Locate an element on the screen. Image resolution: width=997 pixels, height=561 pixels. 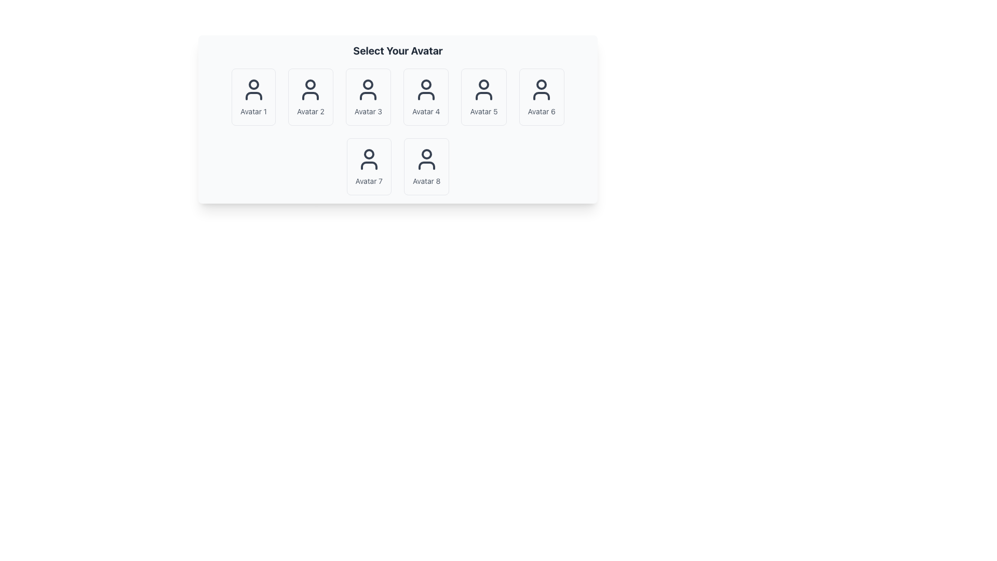
the selectable option tile for 'Avatar 7' located at the second row and first column in the grid layout is located at coordinates (369, 166).